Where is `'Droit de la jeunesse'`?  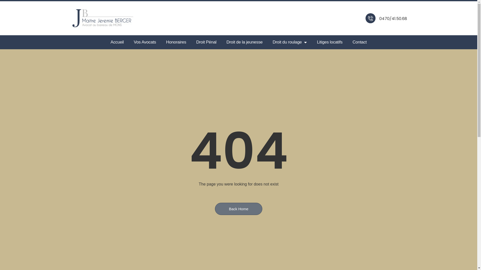 'Droit de la jeunesse' is located at coordinates (244, 42).